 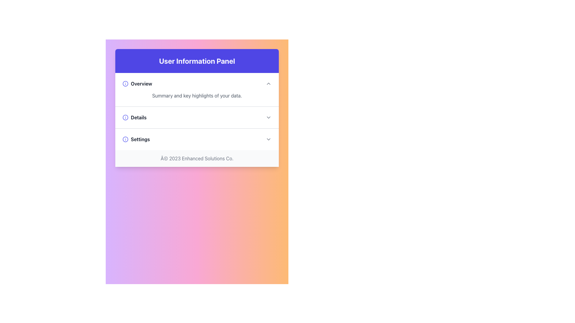 What do you see at coordinates (268, 118) in the screenshot?
I see `the Chevron Down icon located at the top-right of the 'Details' section` at bounding box center [268, 118].